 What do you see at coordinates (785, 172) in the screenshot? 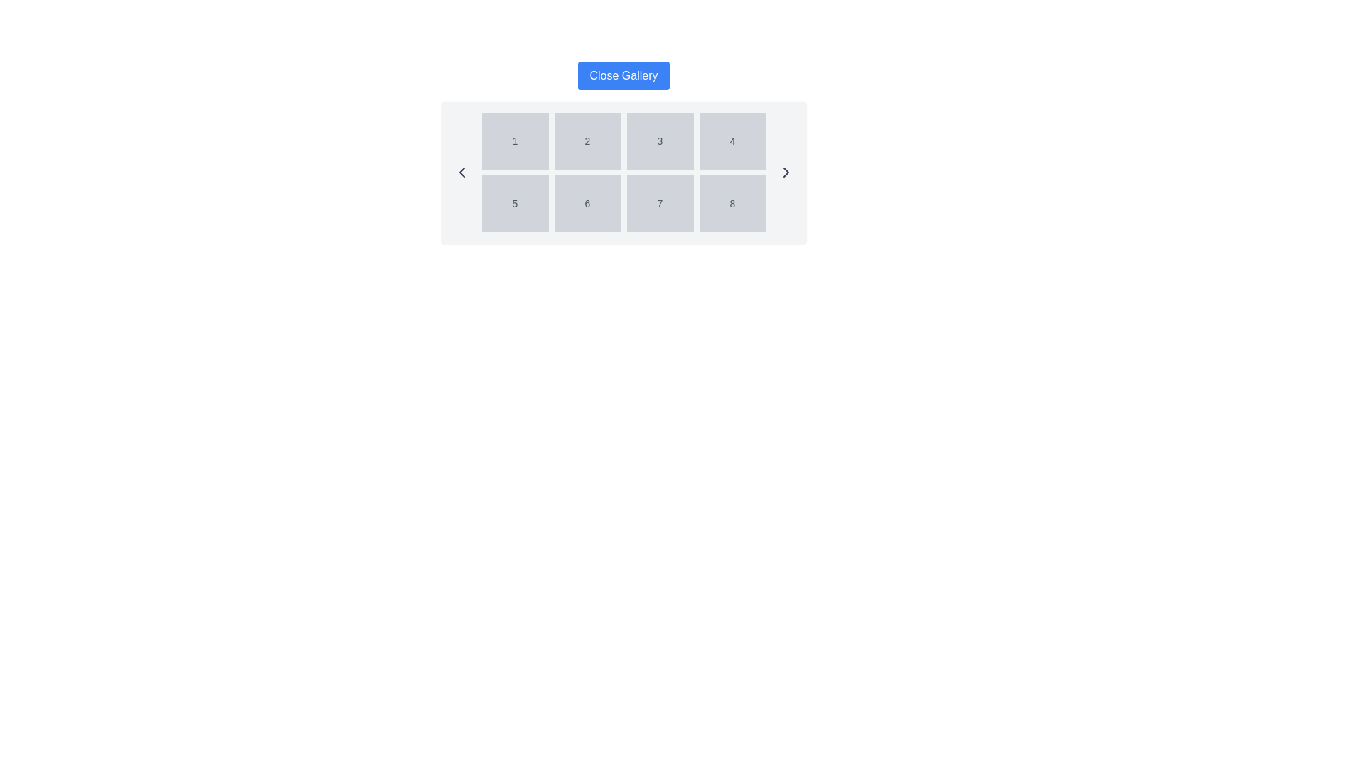
I see `the navigation button located at the far-right end of the gallery` at bounding box center [785, 172].